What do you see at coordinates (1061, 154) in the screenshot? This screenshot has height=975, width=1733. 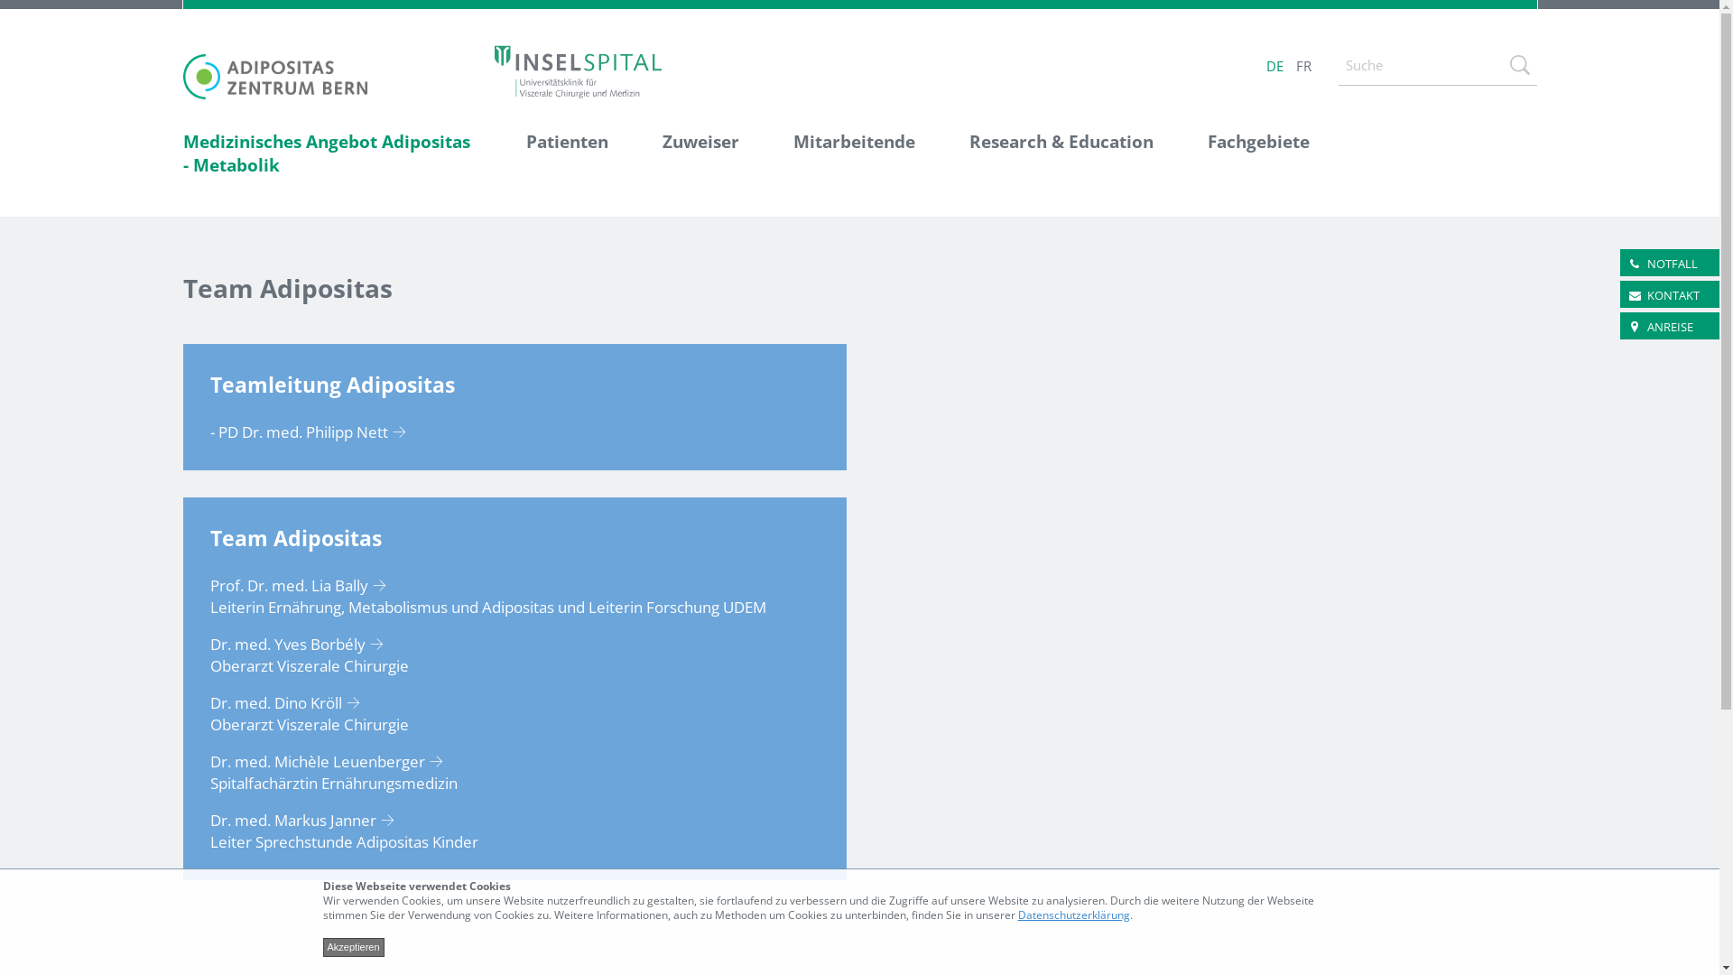 I see `'Research & Education'` at bounding box center [1061, 154].